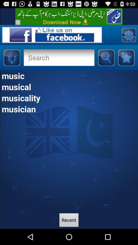  I want to click on button above the recent button, so click(69, 109).